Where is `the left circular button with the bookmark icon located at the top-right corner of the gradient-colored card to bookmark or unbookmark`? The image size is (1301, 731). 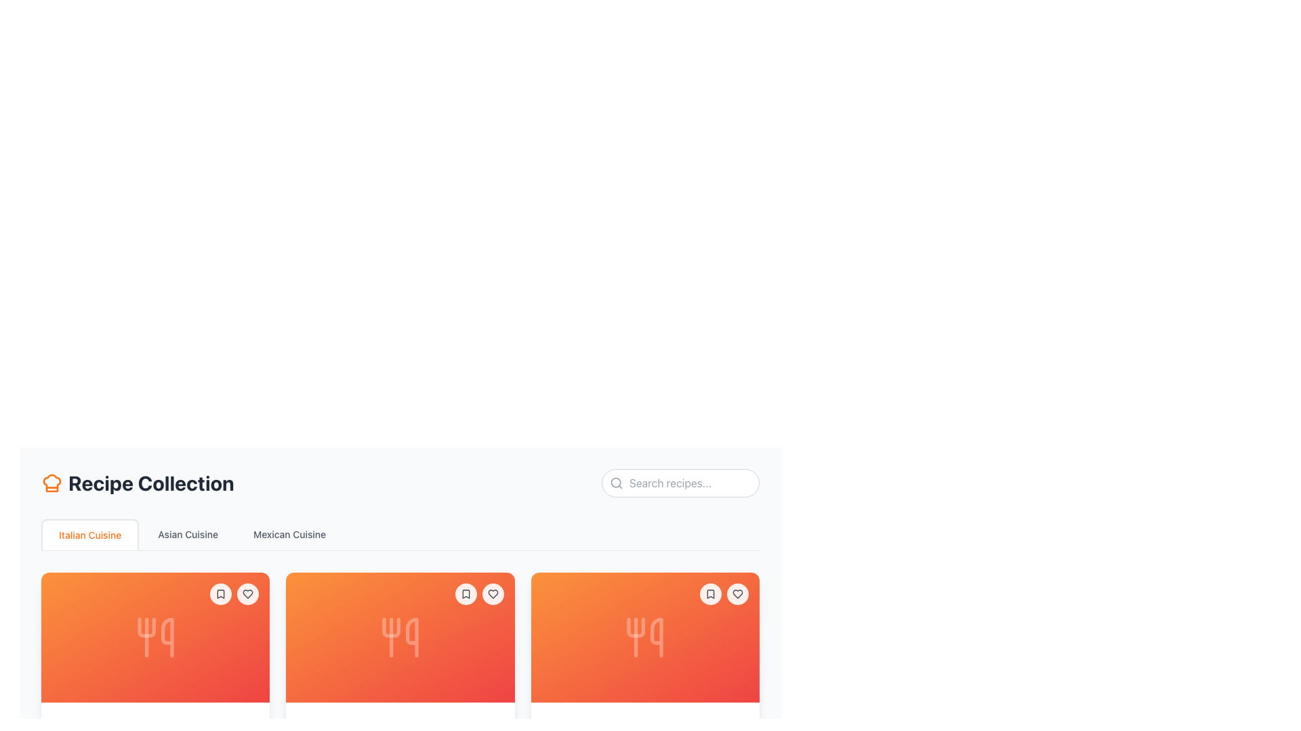 the left circular button with the bookmark icon located at the top-right corner of the gradient-colored card to bookmark or unbookmark is located at coordinates (479, 594).